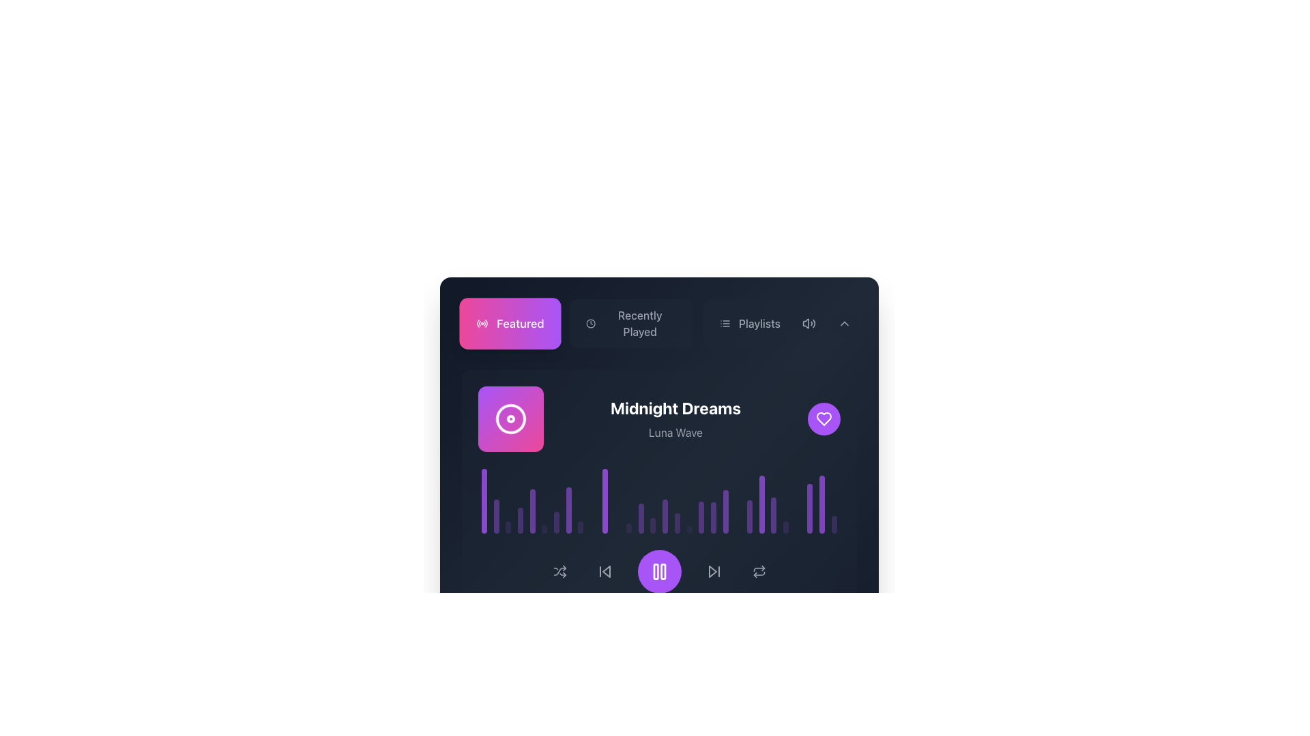 The height and width of the screenshot is (736, 1310). I want to click on the twenty-seventh vertical progress bar in the soundwave-like visualization, which is a narrow bar with a rounded top and bottom, colored in a translucent shade of purple, so click(821, 504).